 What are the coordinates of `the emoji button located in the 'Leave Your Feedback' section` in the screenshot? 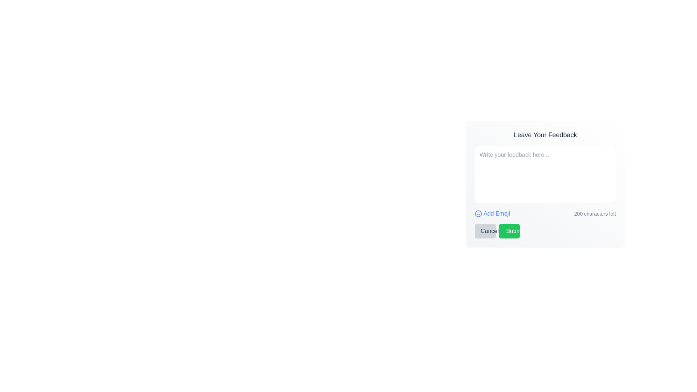 It's located at (492, 213).